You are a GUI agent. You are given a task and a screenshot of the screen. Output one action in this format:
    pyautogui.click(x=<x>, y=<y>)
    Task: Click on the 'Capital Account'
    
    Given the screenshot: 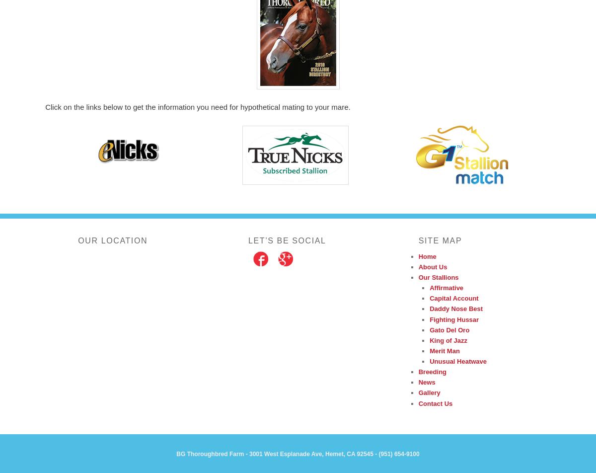 What is the action you would take?
    pyautogui.click(x=454, y=298)
    